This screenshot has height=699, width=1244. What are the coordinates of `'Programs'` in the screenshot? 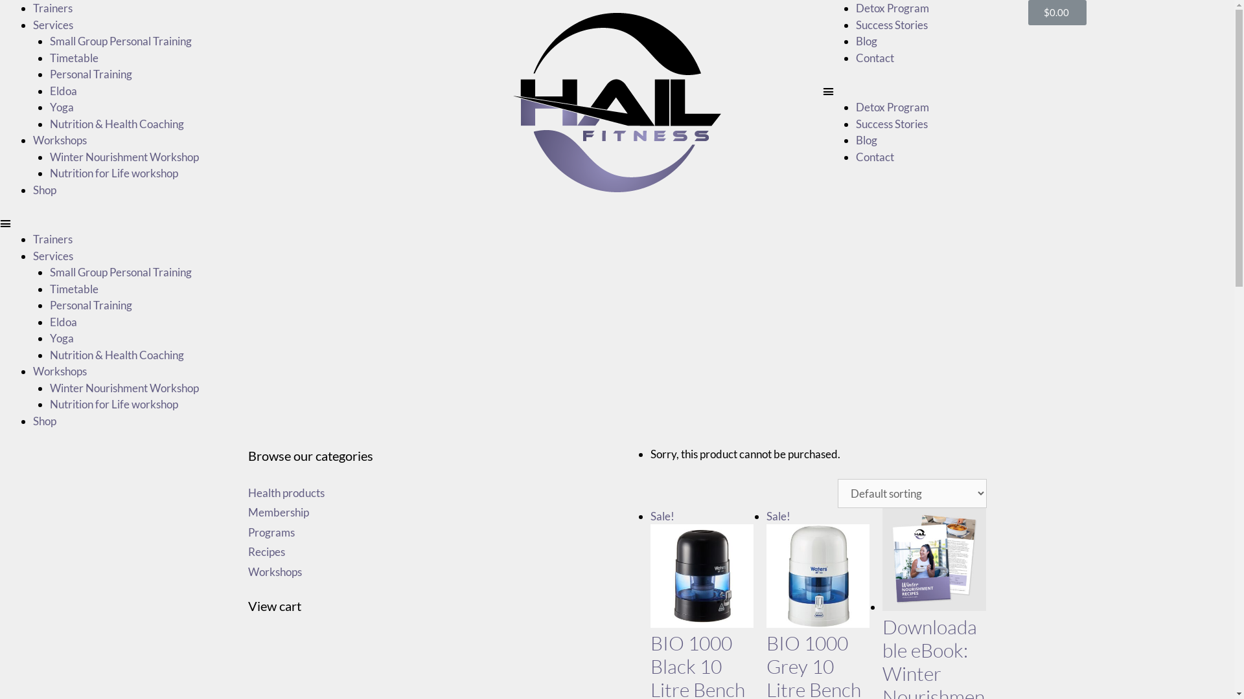 It's located at (270, 532).